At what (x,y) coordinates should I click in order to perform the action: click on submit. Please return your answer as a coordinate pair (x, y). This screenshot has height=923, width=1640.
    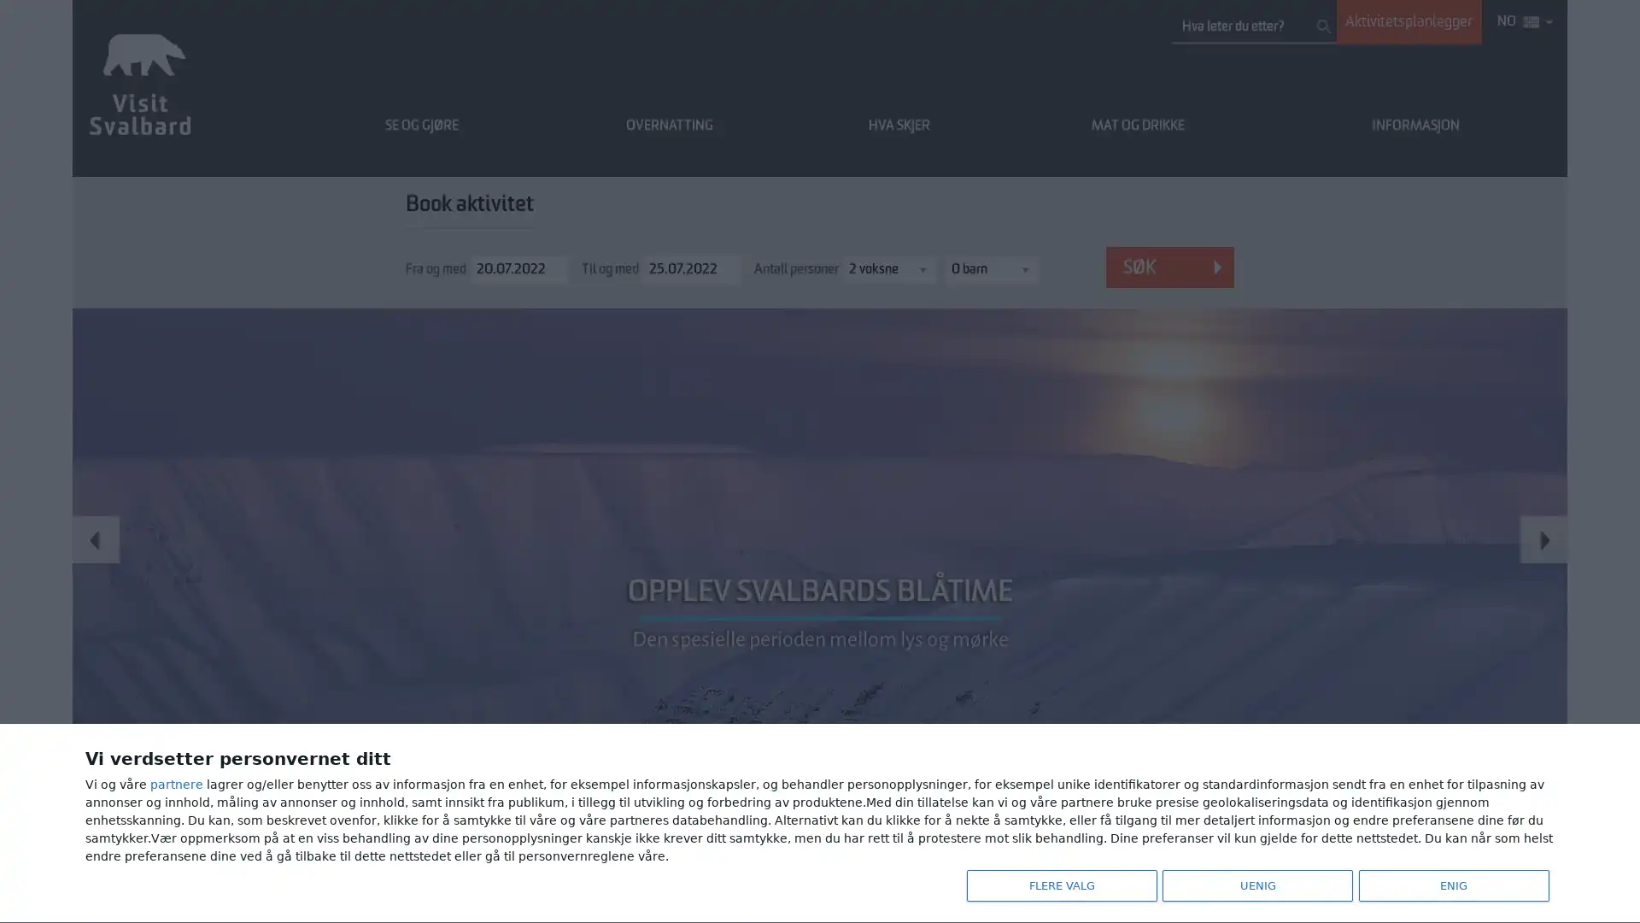
    Looking at the image, I should click on (1323, 26).